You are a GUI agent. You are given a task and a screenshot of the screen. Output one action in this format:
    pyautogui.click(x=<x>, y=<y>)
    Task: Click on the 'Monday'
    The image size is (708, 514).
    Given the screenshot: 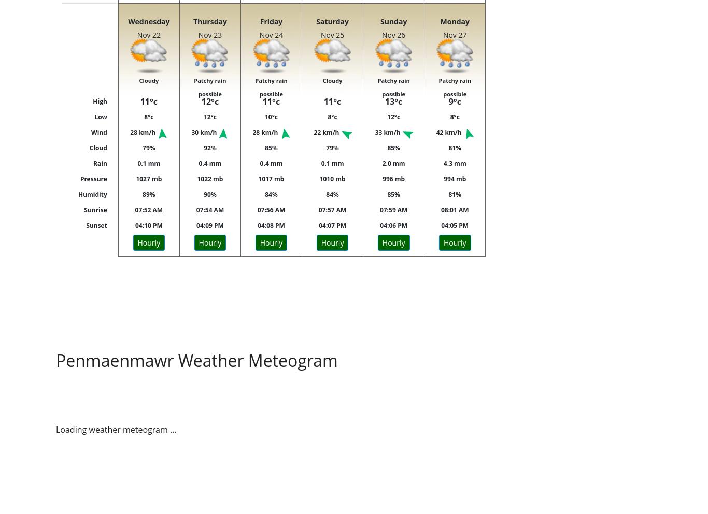 What is the action you would take?
    pyautogui.click(x=454, y=21)
    